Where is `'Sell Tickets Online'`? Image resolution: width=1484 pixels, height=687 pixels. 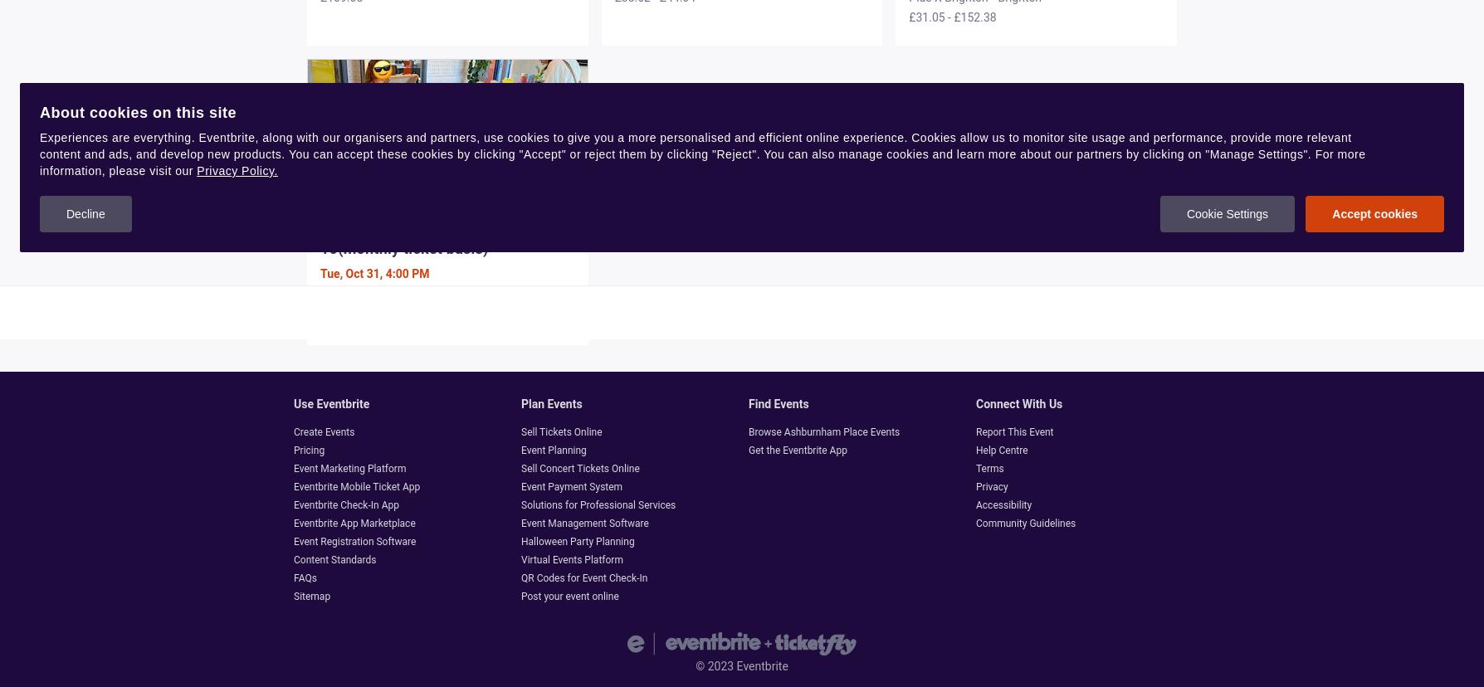
'Sell Tickets Online' is located at coordinates (560, 431).